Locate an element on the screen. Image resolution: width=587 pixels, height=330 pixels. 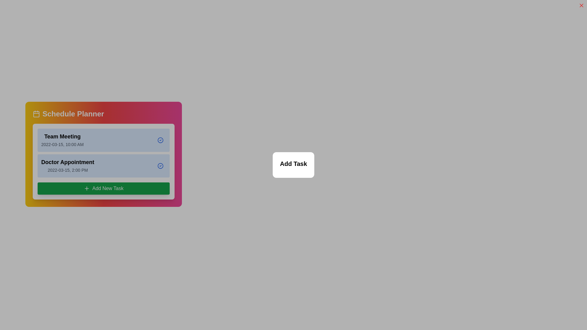
the 'Add Task' button-like text display element, which has a white background and bold black text centered within it is located at coordinates (293, 165).